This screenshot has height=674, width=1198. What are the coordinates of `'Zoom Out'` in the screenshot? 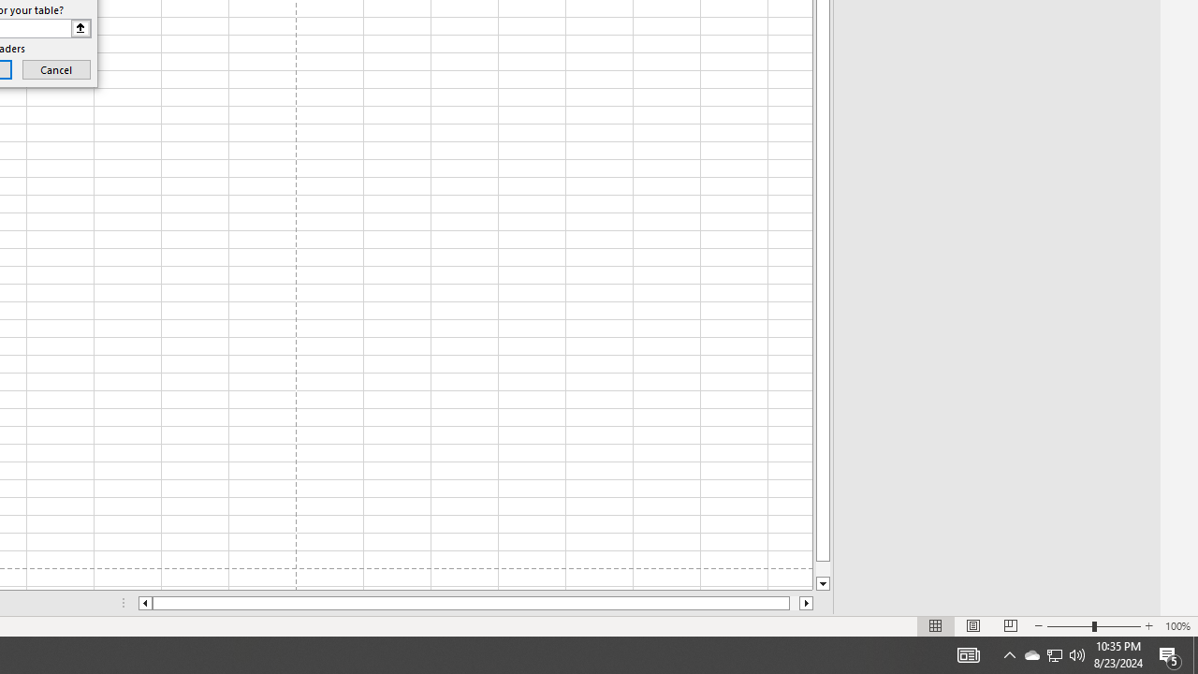 It's located at (1070, 626).